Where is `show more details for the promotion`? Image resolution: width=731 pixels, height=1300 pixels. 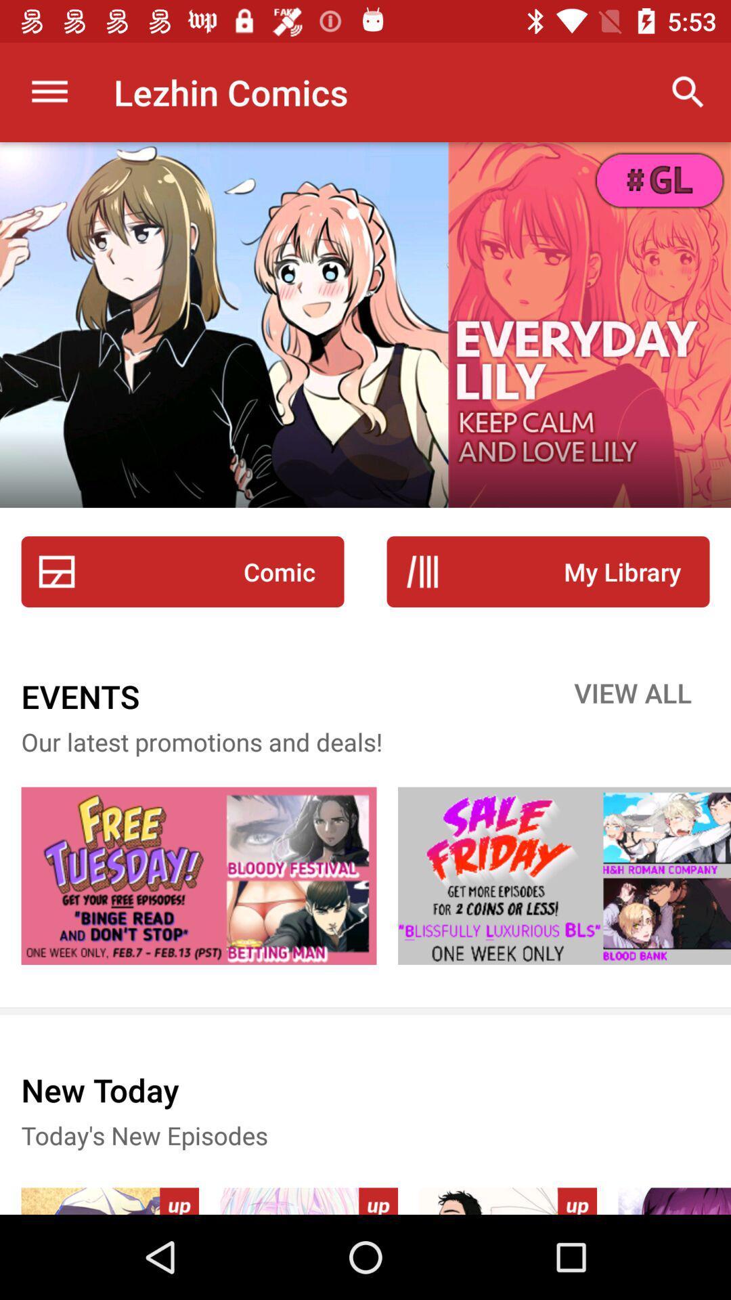
show more details for the promotion is located at coordinates (564, 875).